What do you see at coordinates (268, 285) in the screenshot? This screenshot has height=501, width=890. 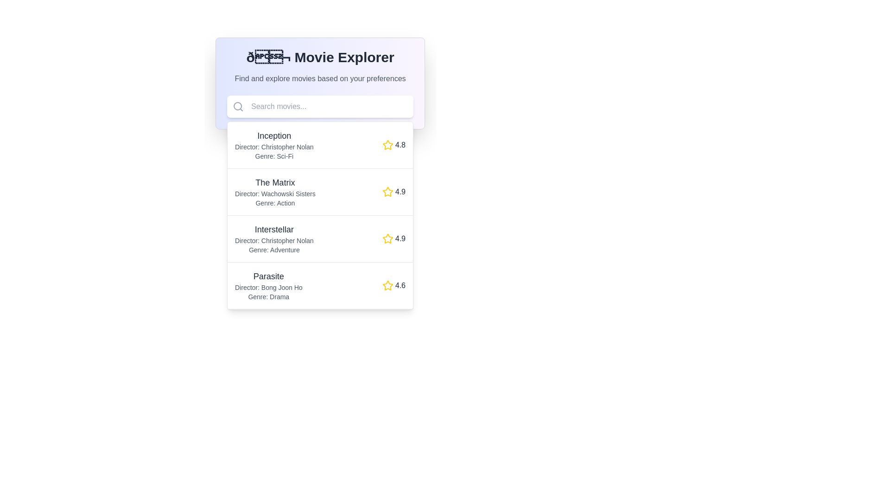 I see `detailed information displayed in the text block about the movie 'Parasite,' which includes its title, director, and genre. This text is the fourth item in a scrollable list within the 'Movie Explorer' interface` at bounding box center [268, 285].